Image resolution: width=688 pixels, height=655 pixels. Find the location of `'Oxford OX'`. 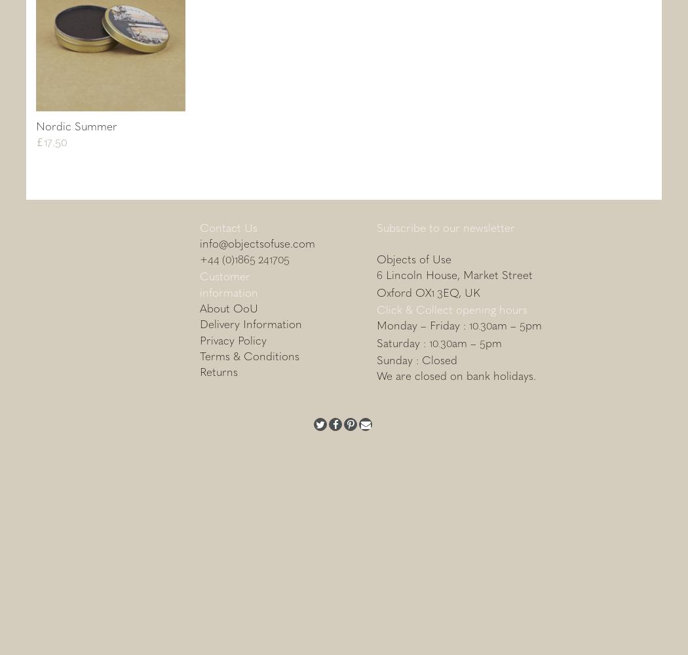

'Oxford OX' is located at coordinates (404, 290).